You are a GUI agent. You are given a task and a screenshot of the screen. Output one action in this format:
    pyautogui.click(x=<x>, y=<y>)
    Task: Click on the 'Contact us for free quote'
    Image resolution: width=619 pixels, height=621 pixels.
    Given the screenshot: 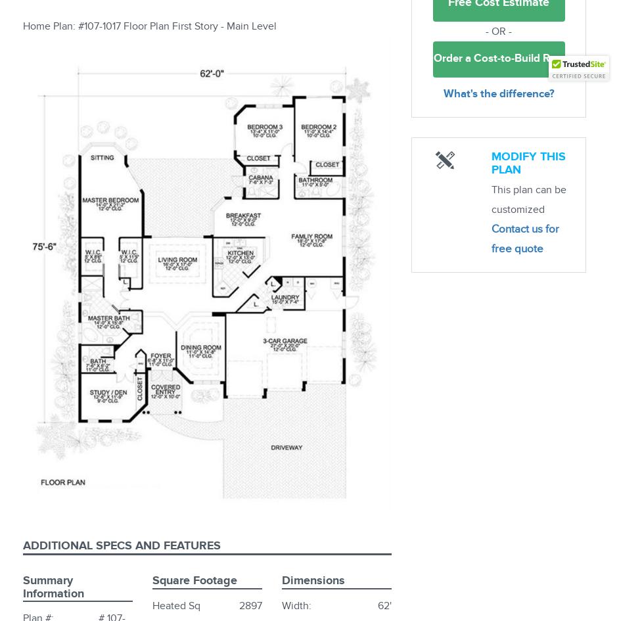 What is the action you would take?
    pyautogui.click(x=525, y=239)
    